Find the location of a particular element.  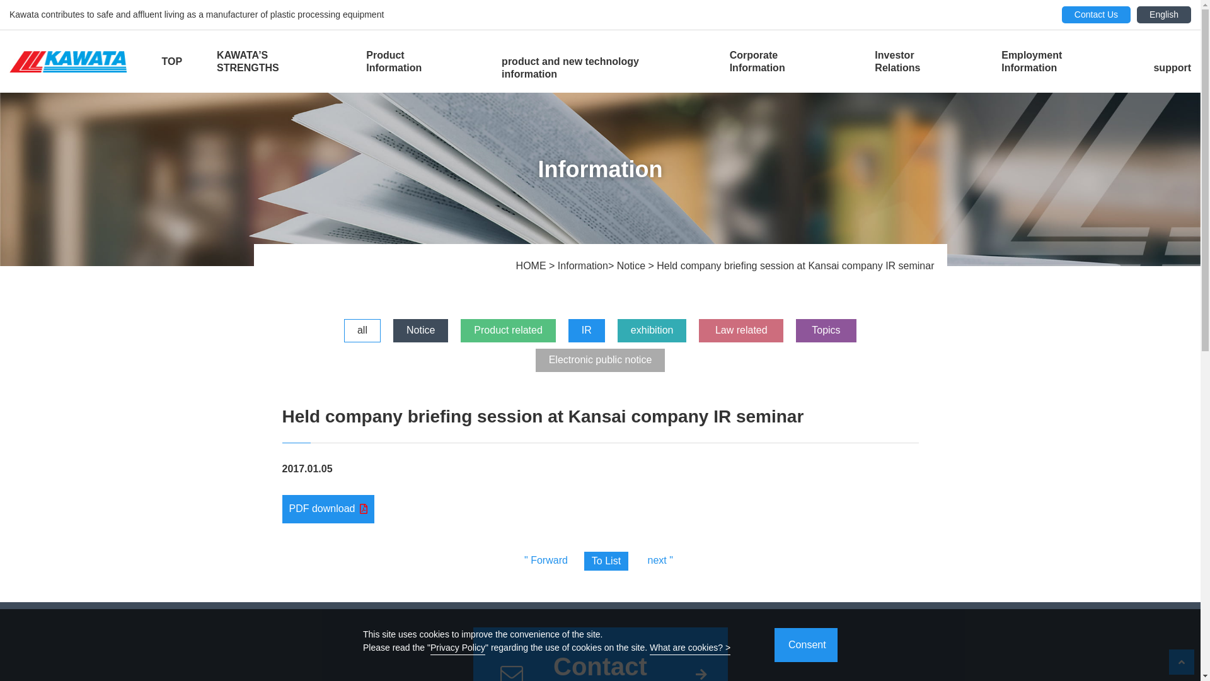

'Privacy Policy' is located at coordinates (457, 649).